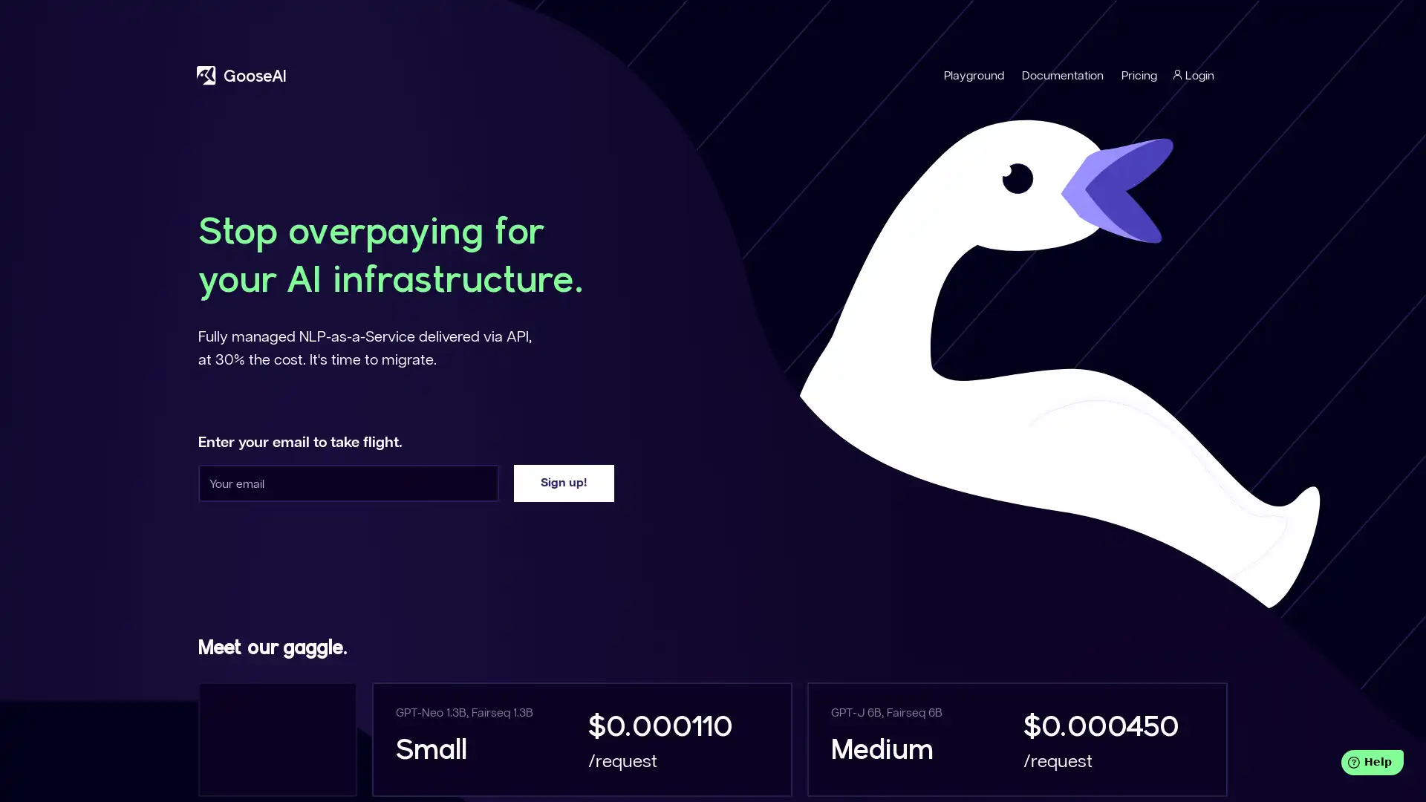  I want to click on Sign up!, so click(563, 483).